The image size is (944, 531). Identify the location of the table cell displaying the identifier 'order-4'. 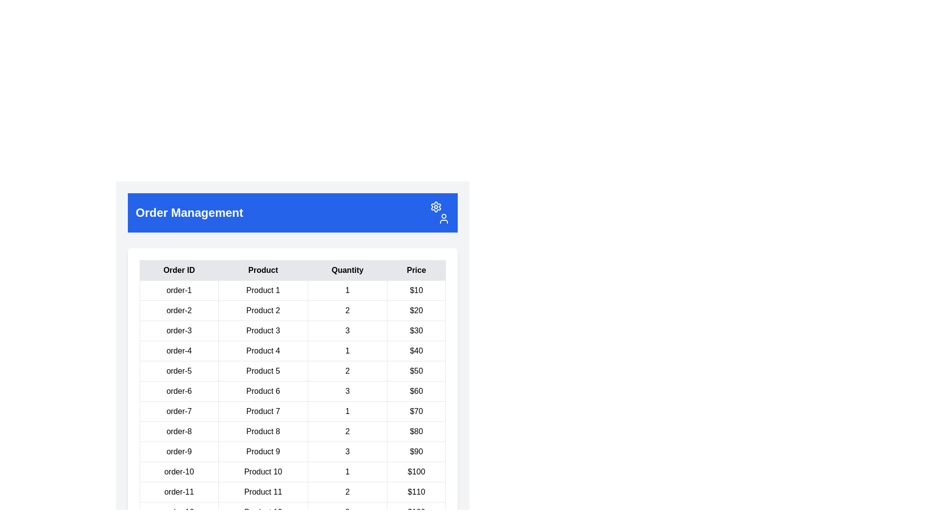
(179, 350).